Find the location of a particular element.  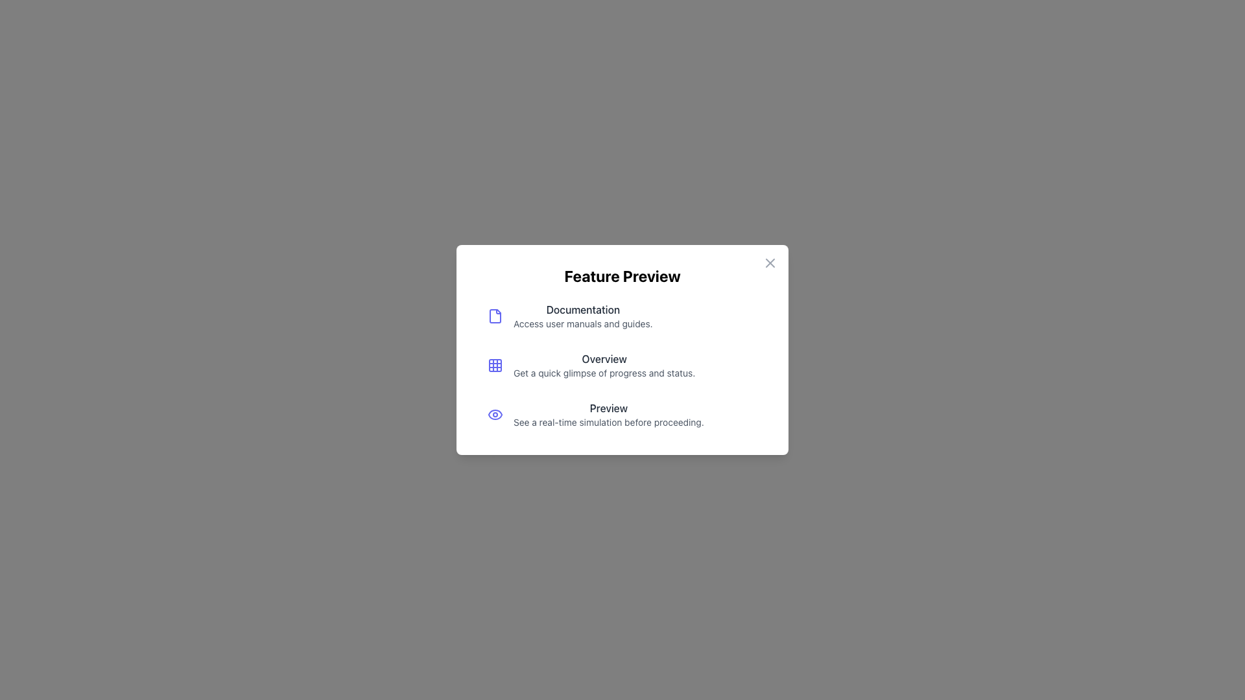

the 'Overview' text component in the 'Feature Preview' modal, which includes a bold title and a secondary description, positioned centrally below the 'Documentation' section is located at coordinates (604, 365).